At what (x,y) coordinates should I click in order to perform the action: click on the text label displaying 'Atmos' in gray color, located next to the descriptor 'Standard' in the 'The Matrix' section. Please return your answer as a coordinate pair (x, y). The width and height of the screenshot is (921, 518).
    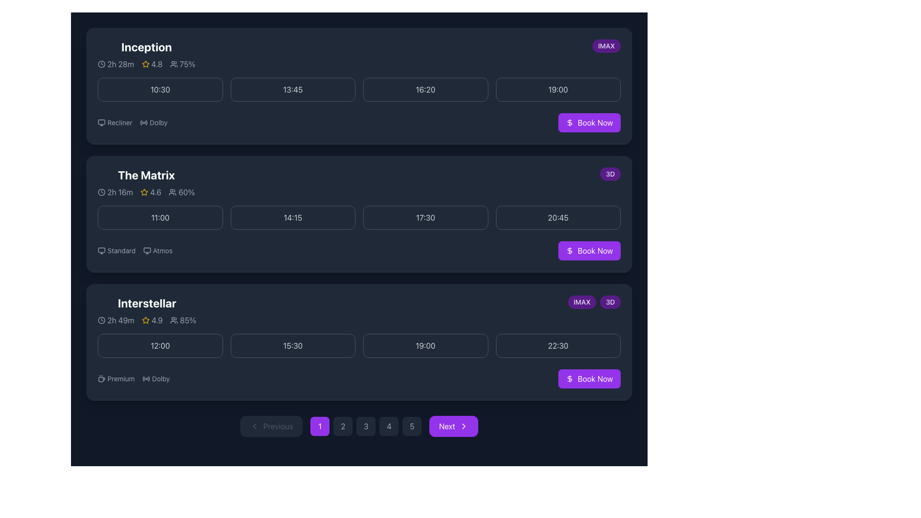
    Looking at the image, I should click on (158, 250).